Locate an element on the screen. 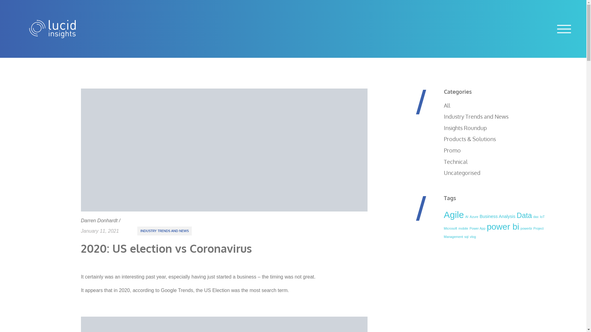 This screenshot has width=591, height=332. 'AI' is located at coordinates (467, 216).